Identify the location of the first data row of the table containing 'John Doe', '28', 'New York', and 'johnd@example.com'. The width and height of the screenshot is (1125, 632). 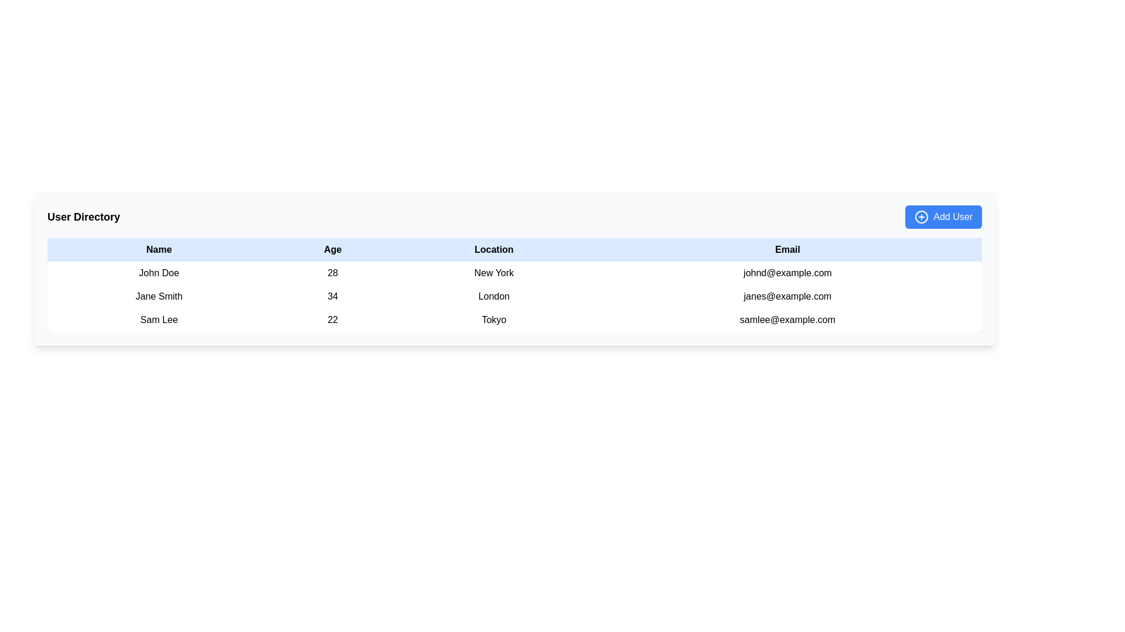
(514, 273).